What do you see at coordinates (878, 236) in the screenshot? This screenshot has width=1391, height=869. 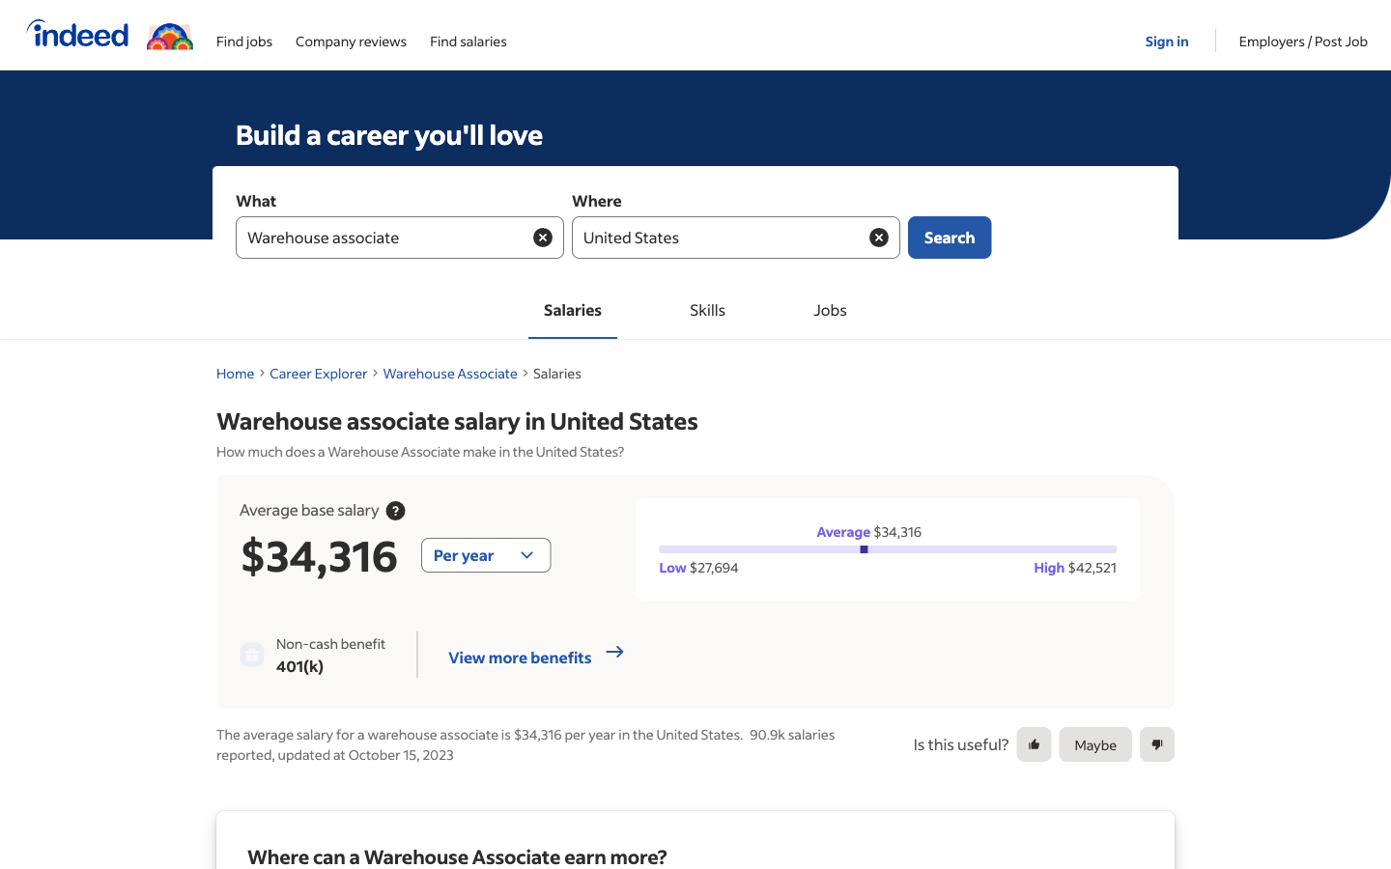 I see `Remove "United States" as the set work location` at bounding box center [878, 236].